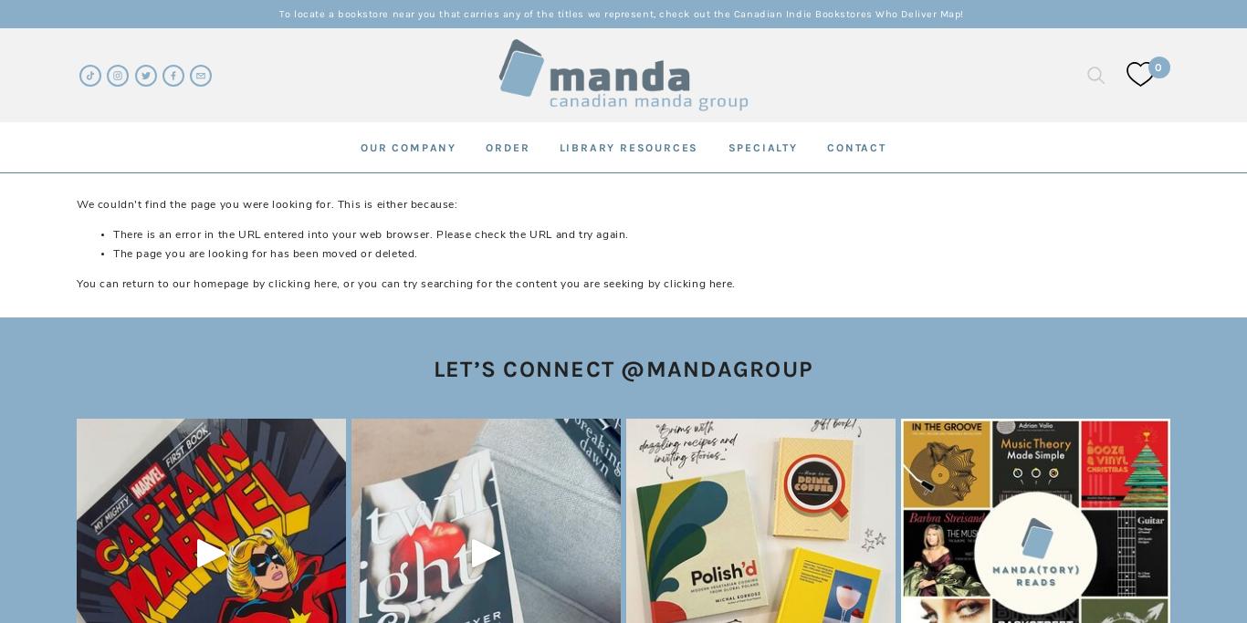 Image resolution: width=1247 pixels, height=623 pixels. I want to click on 'LET’S CONNECT @MANDAGROUP', so click(622, 367).